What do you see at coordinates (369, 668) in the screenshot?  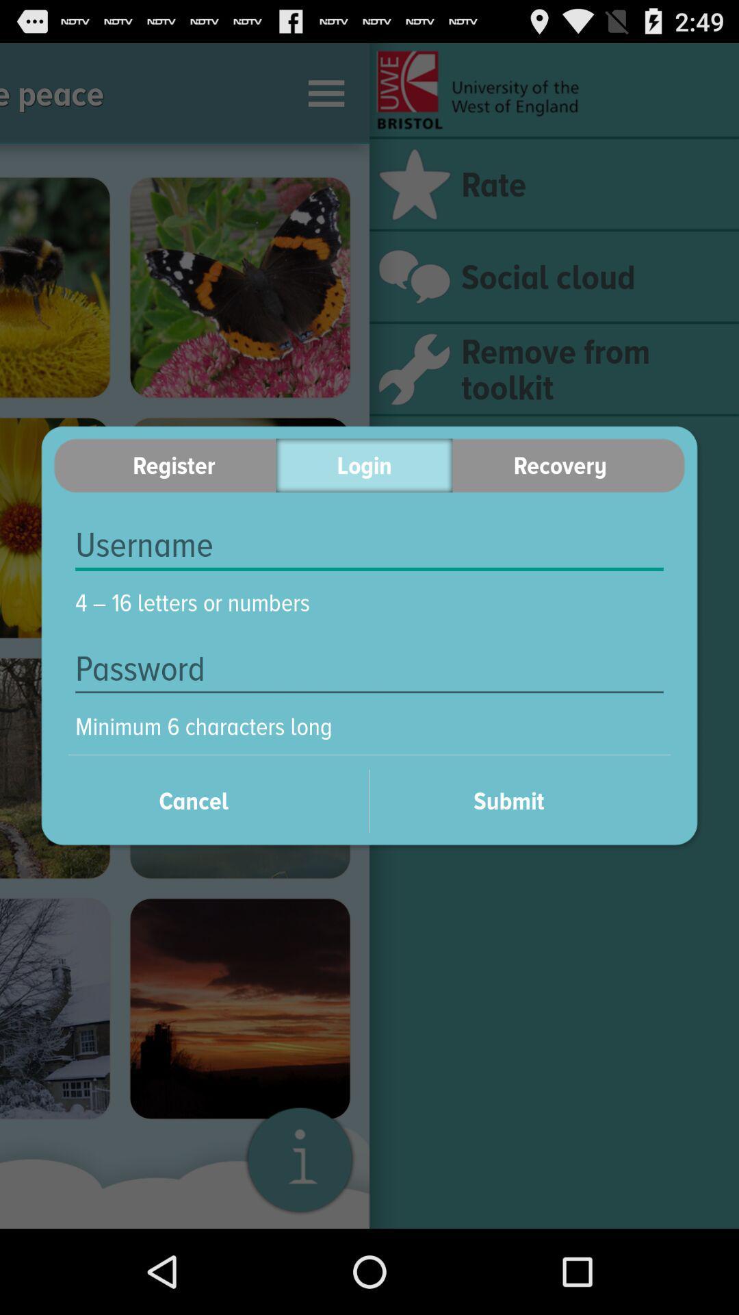 I see `password` at bounding box center [369, 668].